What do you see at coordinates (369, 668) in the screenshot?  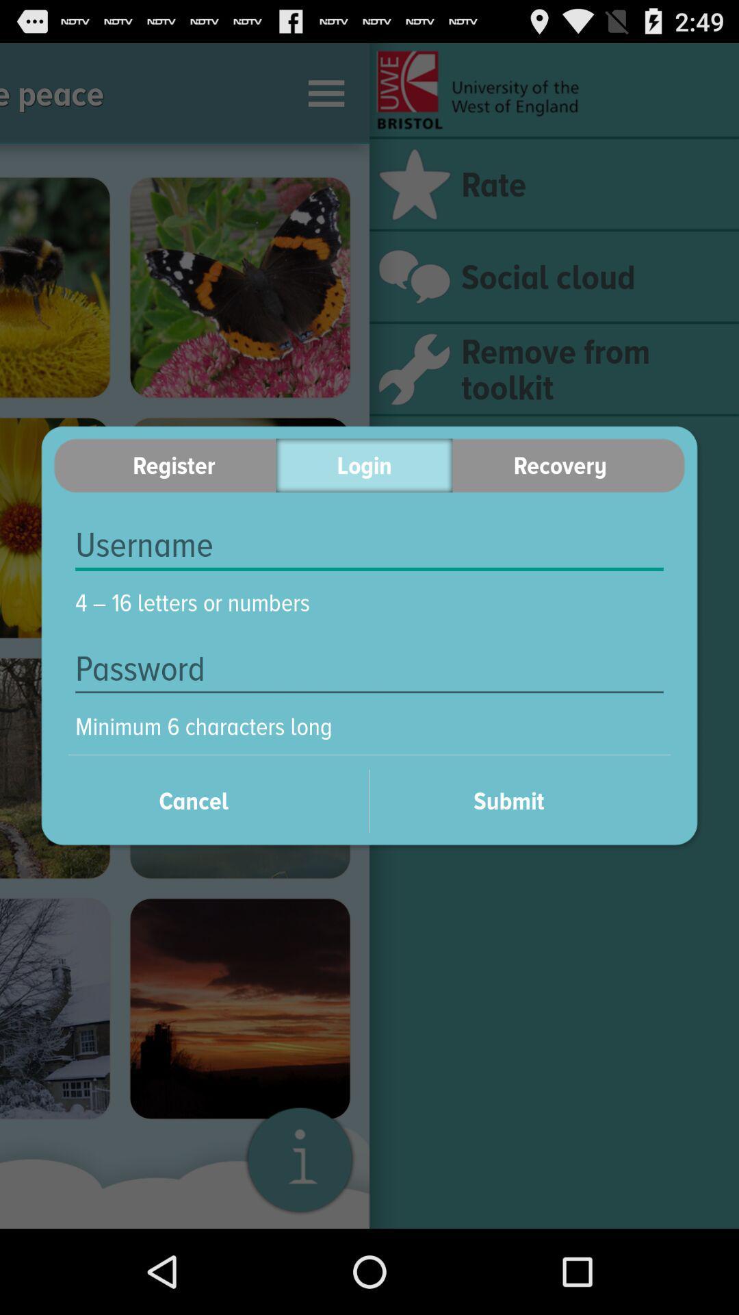 I see `password` at bounding box center [369, 668].